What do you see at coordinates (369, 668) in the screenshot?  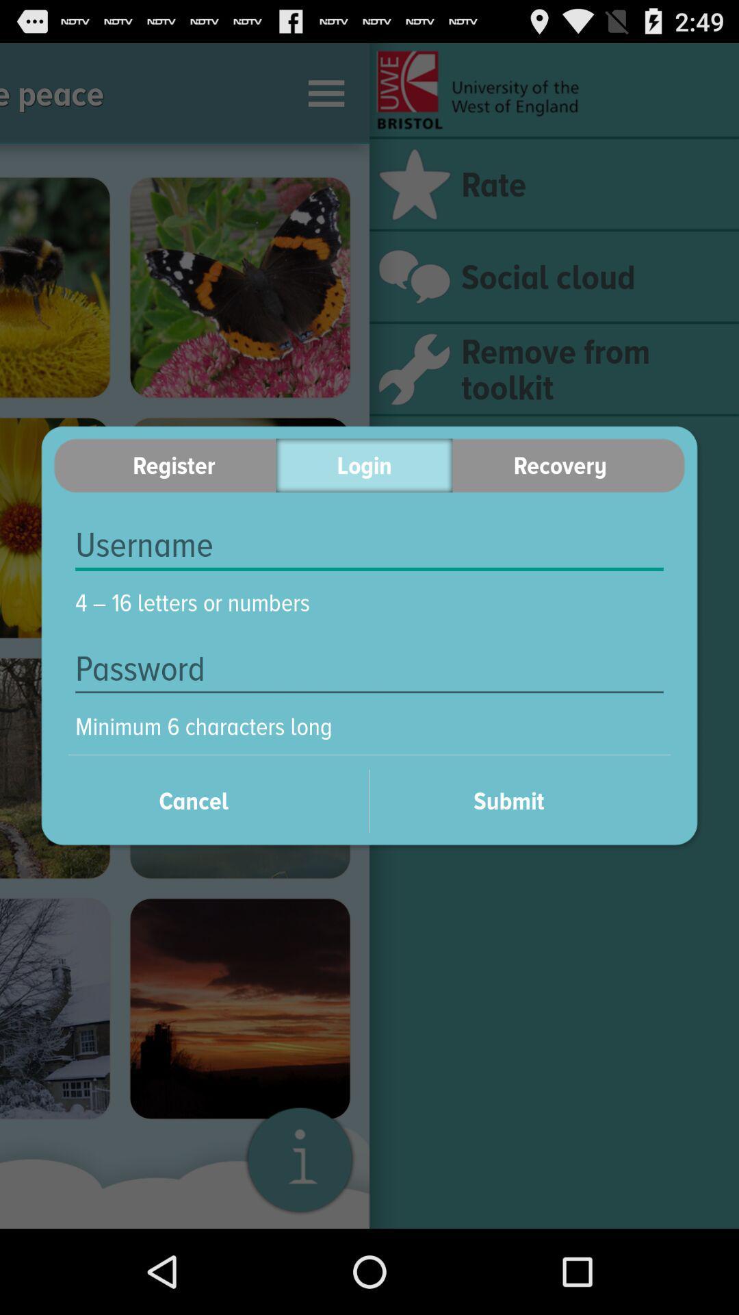 I see `password` at bounding box center [369, 668].